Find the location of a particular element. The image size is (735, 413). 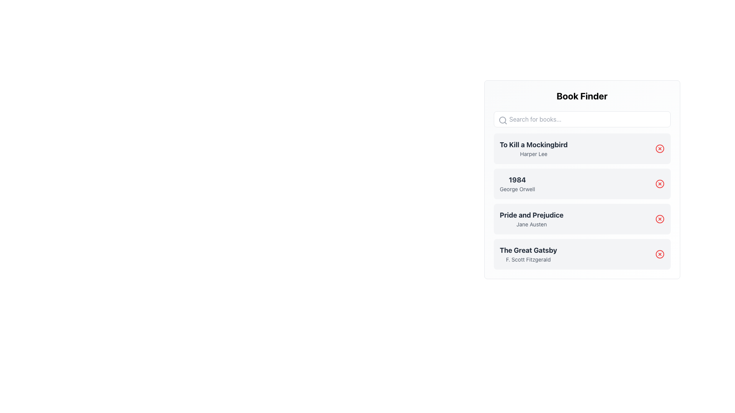

the static text label that identifies the author of the book '1984', located directly below the title text and centered in the 'Book Finder' panel is located at coordinates (517, 189).